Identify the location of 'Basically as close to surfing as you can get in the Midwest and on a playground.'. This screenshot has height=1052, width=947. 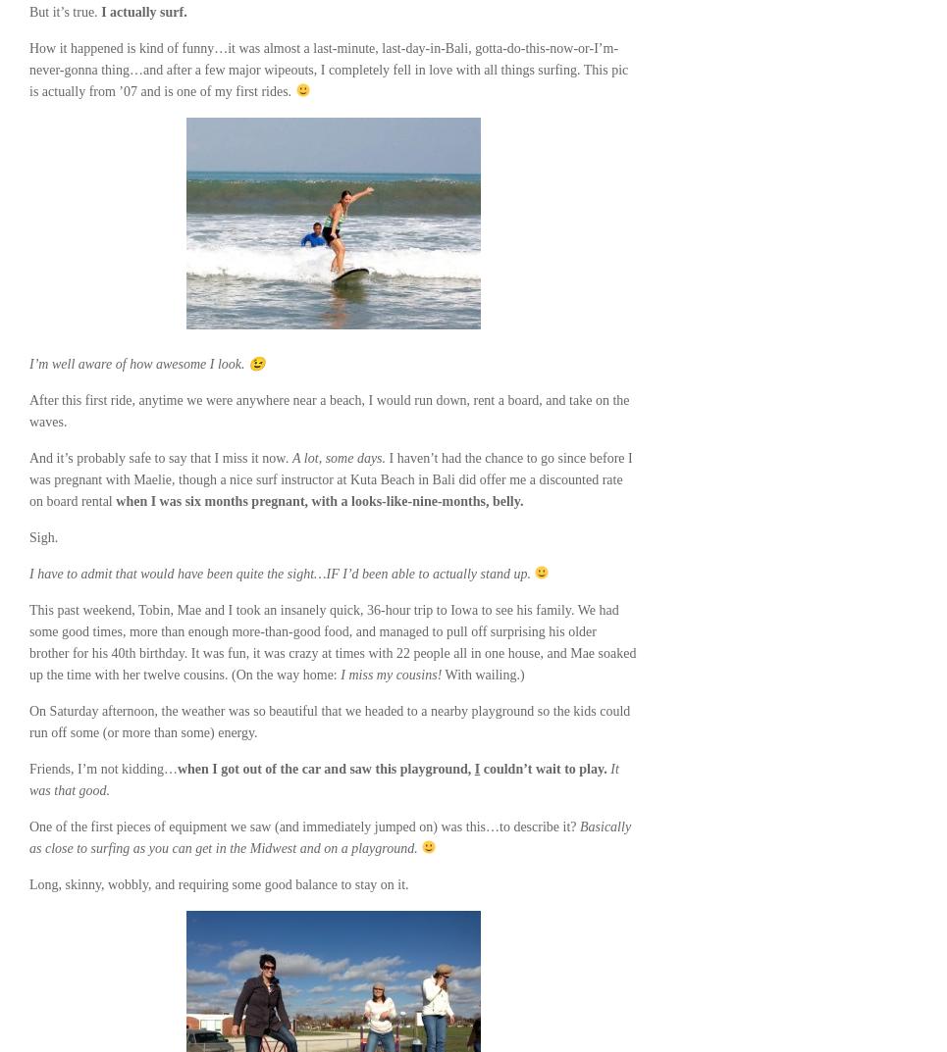
(28, 836).